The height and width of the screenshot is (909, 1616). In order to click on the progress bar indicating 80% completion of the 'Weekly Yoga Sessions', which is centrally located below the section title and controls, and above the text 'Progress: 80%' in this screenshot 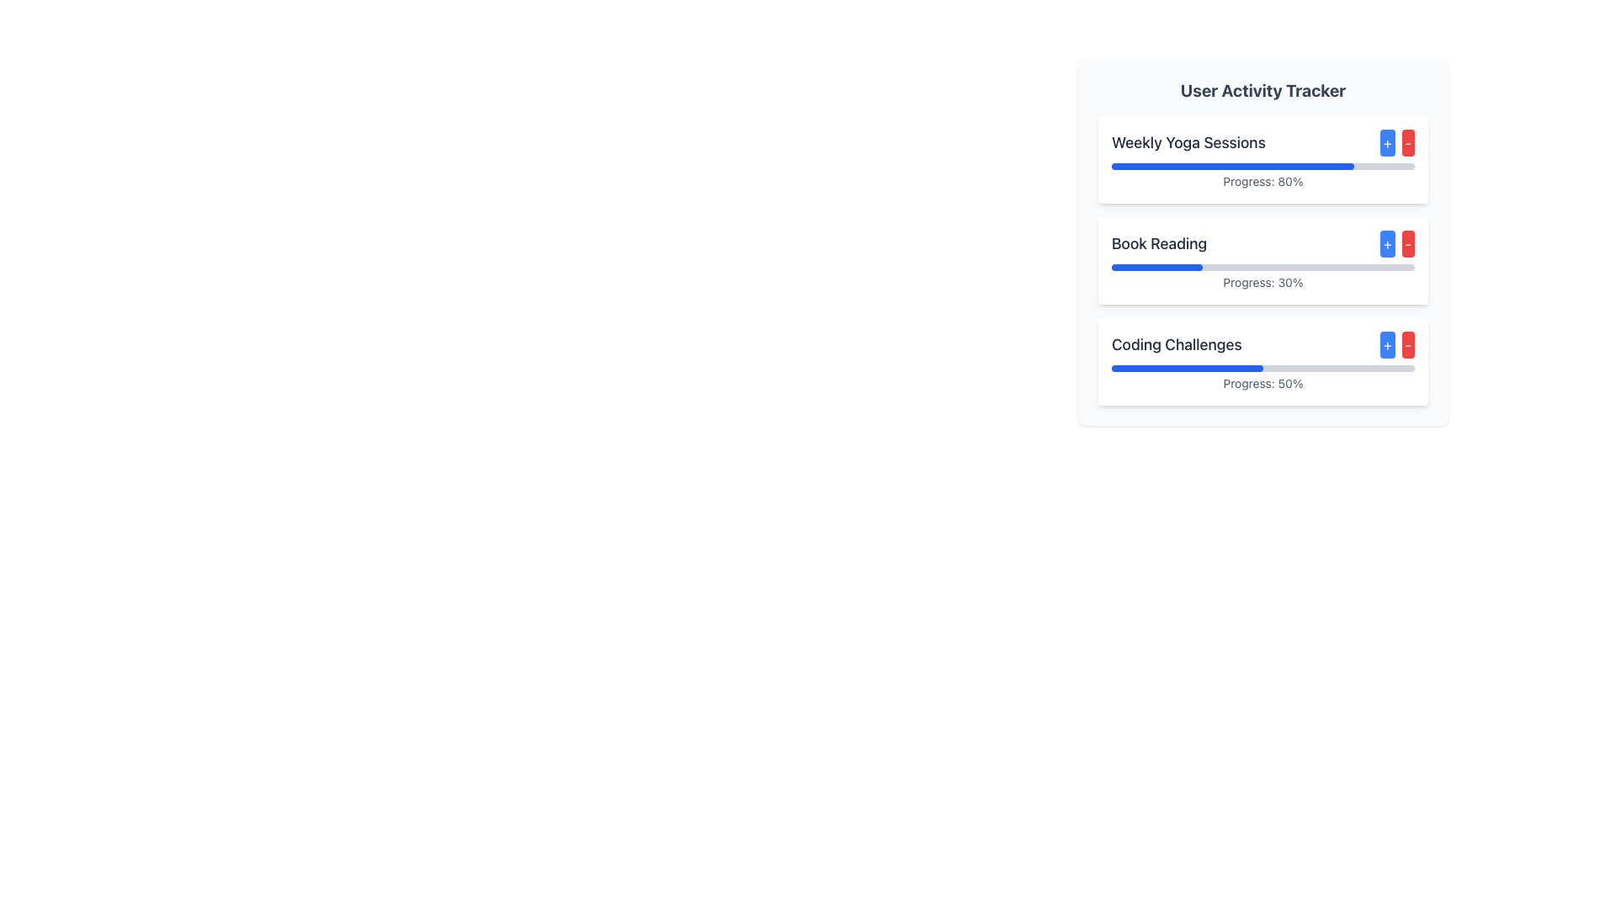, I will do `click(1263, 166)`.